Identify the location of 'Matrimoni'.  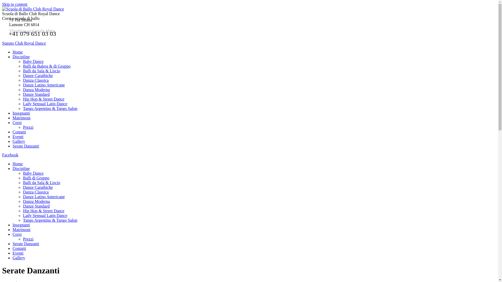
(21, 229).